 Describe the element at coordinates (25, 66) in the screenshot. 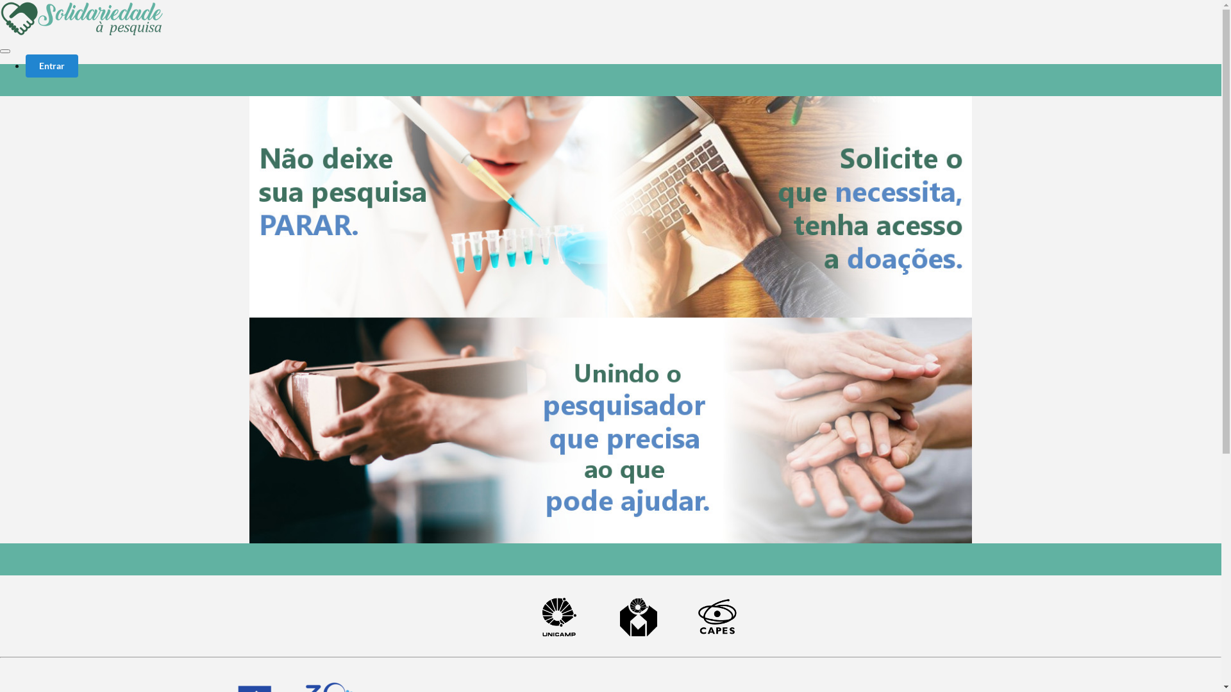

I see `'Entrar'` at that location.